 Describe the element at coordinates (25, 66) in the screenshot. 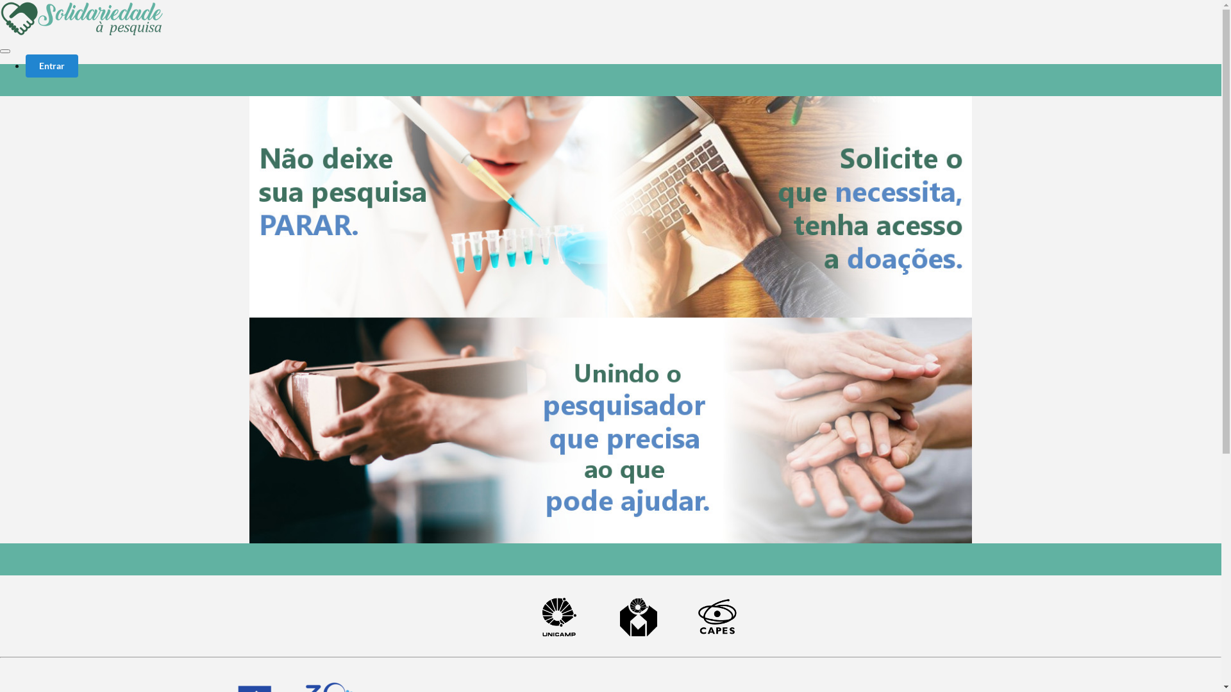

I see `'Entrar'` at that location.